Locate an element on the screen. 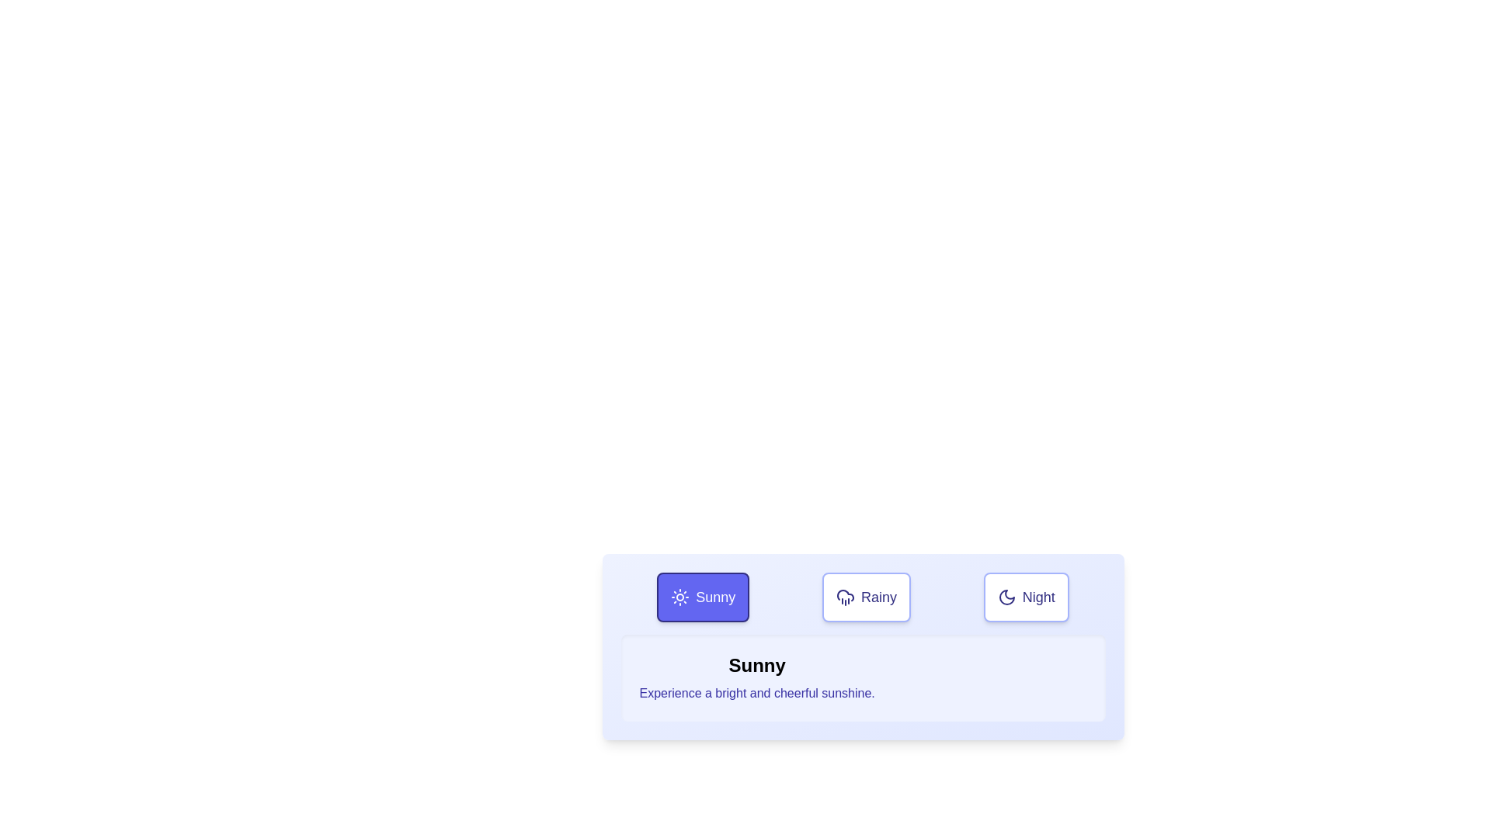 The width and height of the screenshot is (1491, 838). the 'Sunny' icon located in the leftmost button of the row is located at coordinates (680, 597).